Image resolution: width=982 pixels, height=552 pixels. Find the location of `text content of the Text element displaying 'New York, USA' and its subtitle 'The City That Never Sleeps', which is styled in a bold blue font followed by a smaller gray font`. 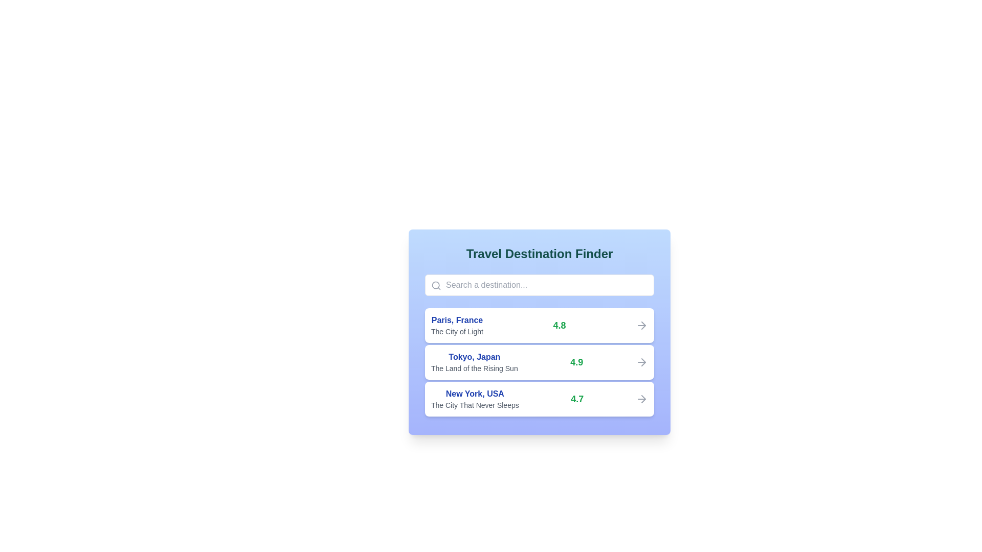

text content of the Text element displaying 'New York, USA' and its subtitle 'The City That Never Sleeps', which is styled in a bold blue font followed by a smaller gray font is located at coordinates (474, 398).